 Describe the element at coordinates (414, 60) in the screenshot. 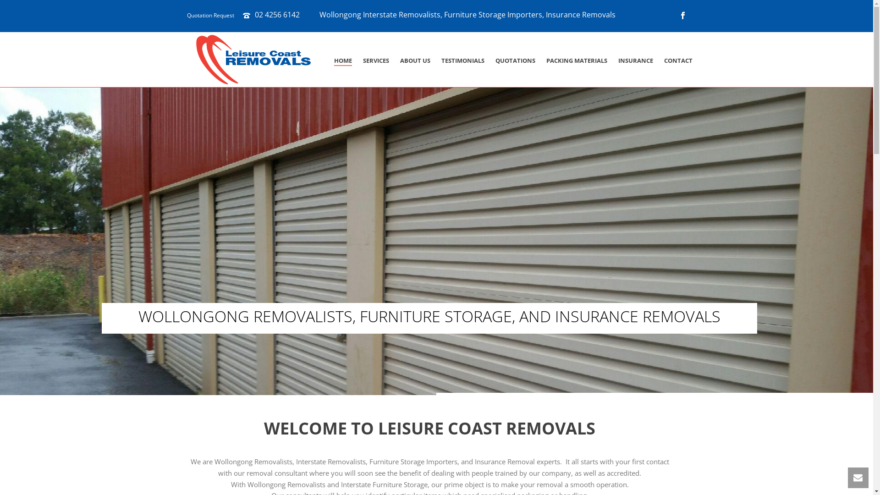

I see `'ABOUT US'` at that location.